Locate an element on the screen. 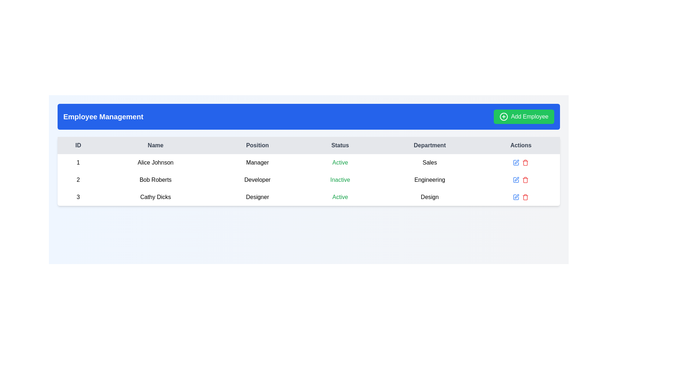 The height and width of the screenshot is (388, 691). the static text label in the third column of the table, labeled 'Position', which indicates the employee positions is located at coordinates (257, 145).